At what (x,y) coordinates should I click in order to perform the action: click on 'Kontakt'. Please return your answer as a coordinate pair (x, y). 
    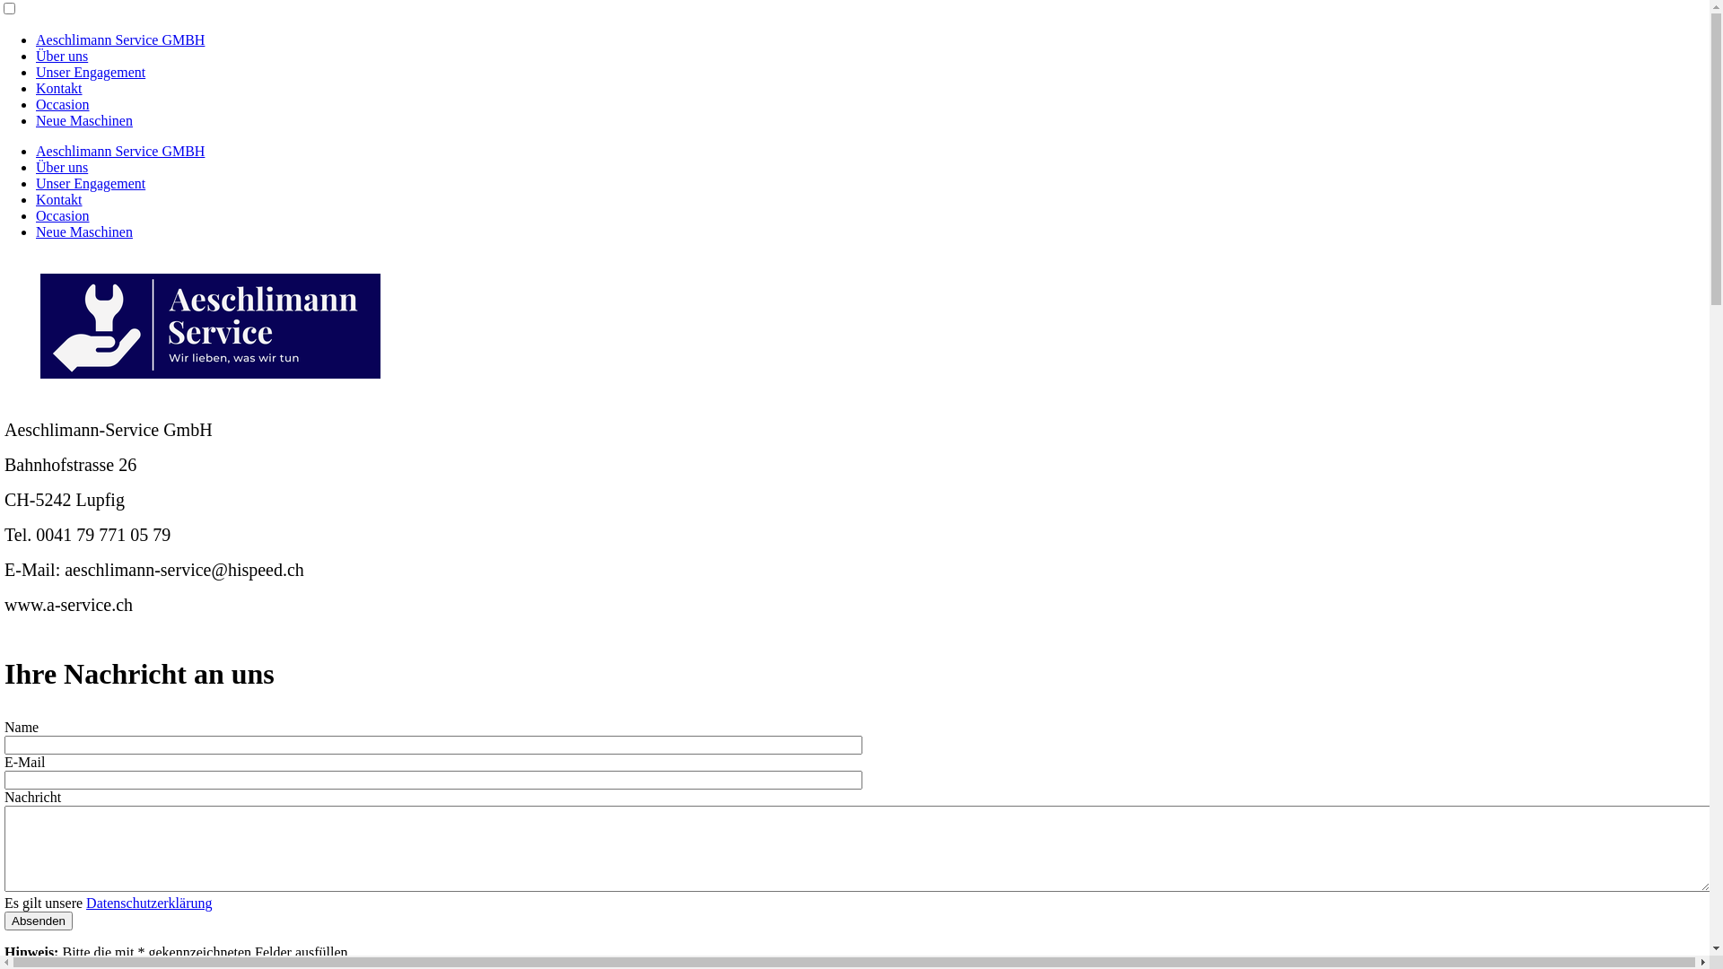
    Looking at the image, I should click on (35, 199).